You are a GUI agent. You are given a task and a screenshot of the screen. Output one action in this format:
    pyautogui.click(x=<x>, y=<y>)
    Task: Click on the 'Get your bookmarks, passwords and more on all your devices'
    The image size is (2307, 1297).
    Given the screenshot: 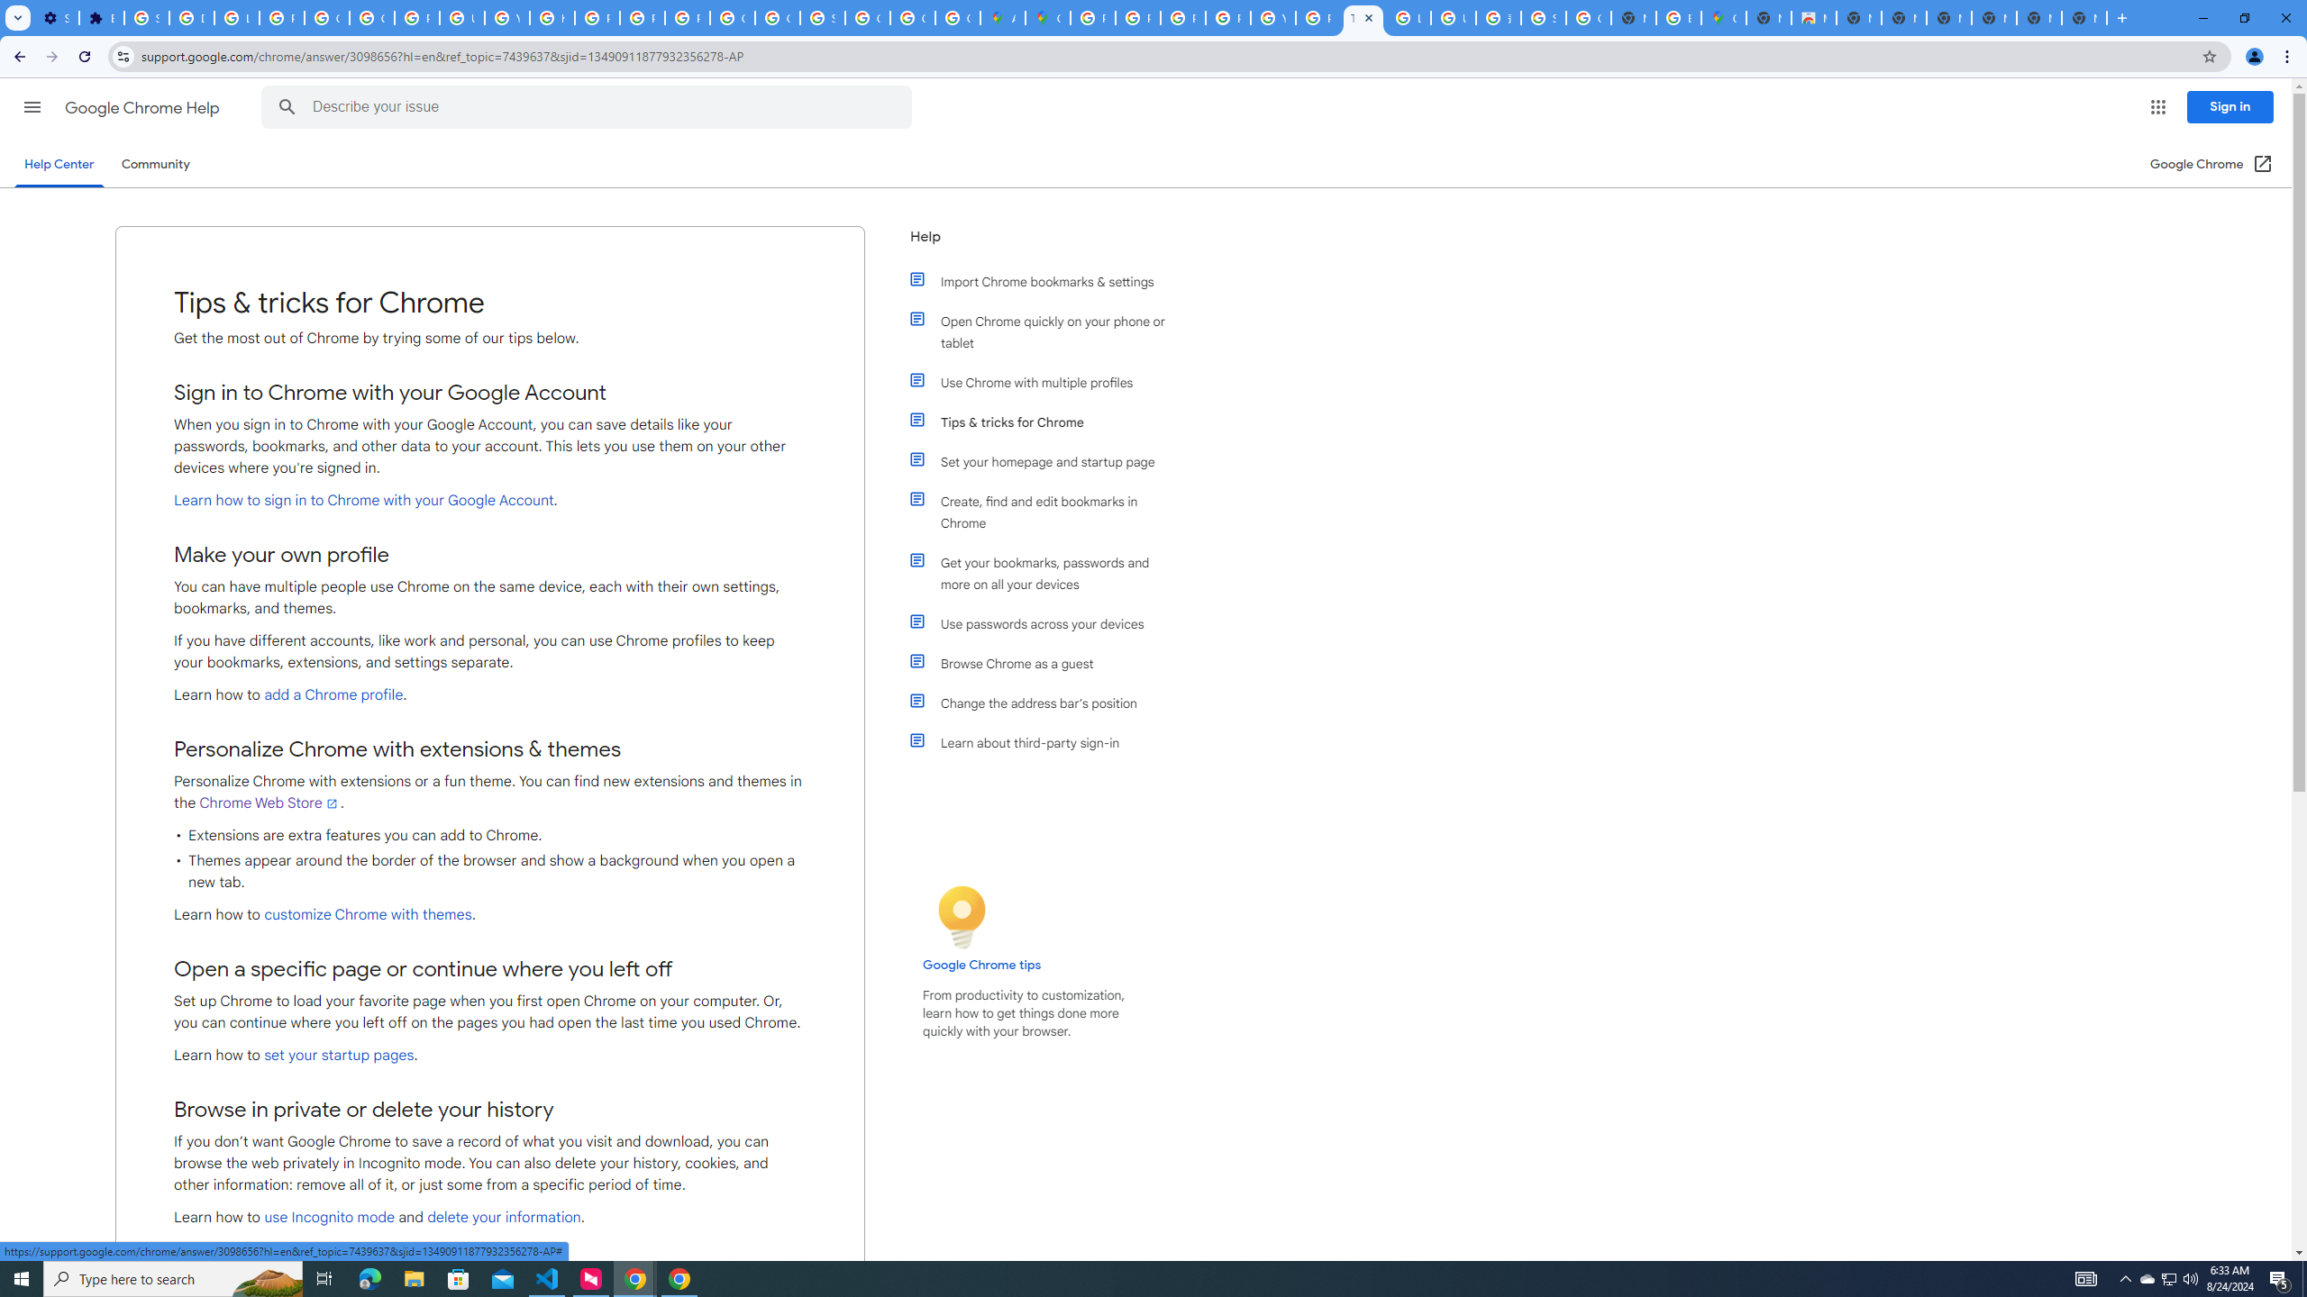 What is the action you would take?
    pyautogui.click(x=1047, y=573)
    